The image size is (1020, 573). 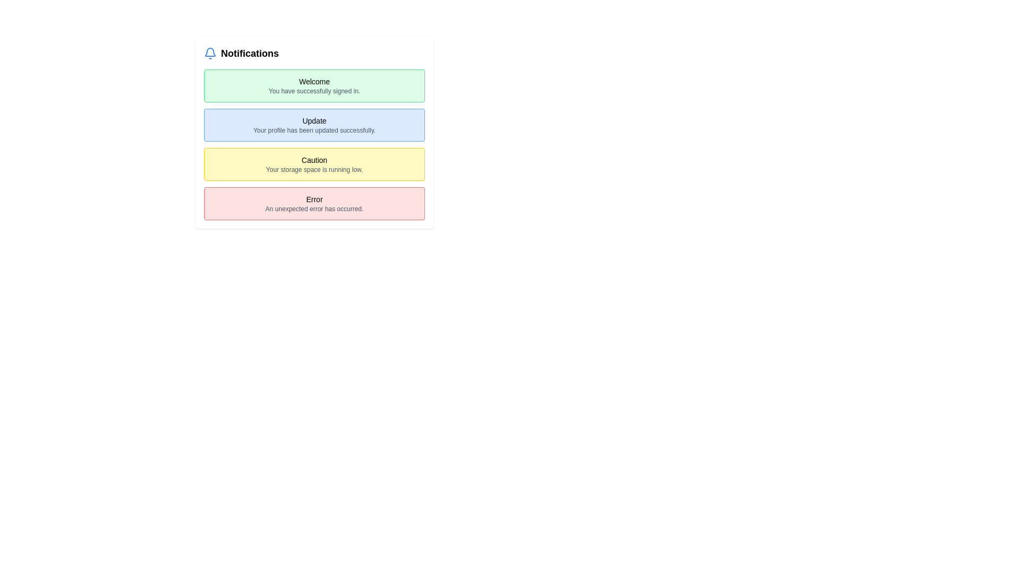 I want to click on the blue bell icon for notifications, which is located to the left of the 'Notifications' text, so click(x=210, y=53).